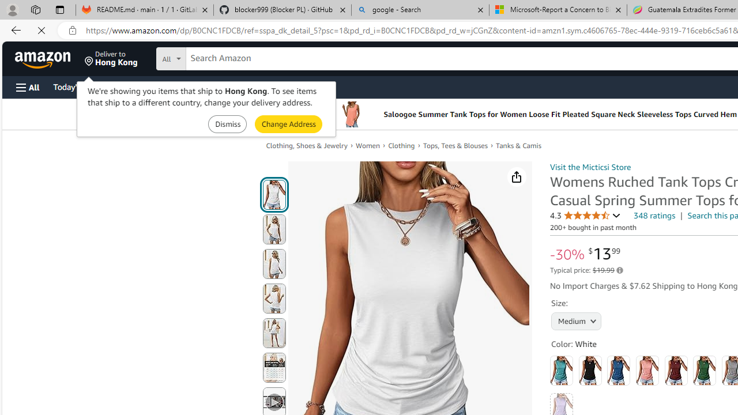  I want to click on 'Aqua', so click(562, 370).